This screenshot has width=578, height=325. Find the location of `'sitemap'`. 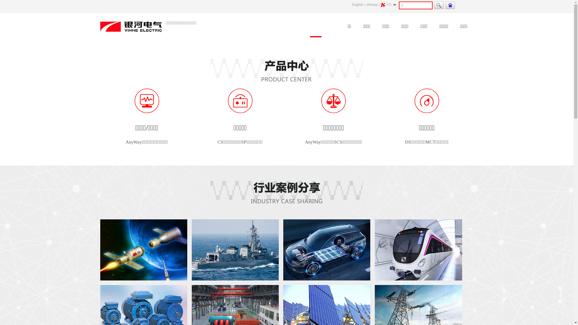

'sitemap' is located at coordinates (371, 5).